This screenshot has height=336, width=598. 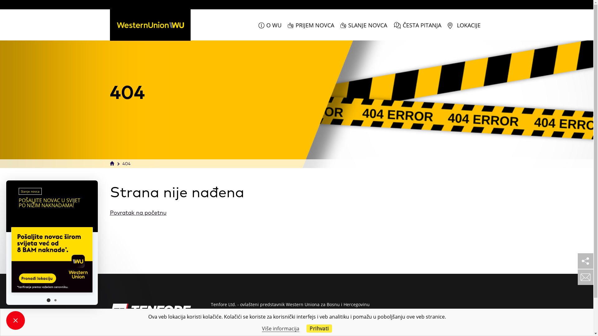 What do you see at coordinates (311, 25) in the screenshot?
I see `'PRIJEM NOVCA'` at bounding box center [311, 25].